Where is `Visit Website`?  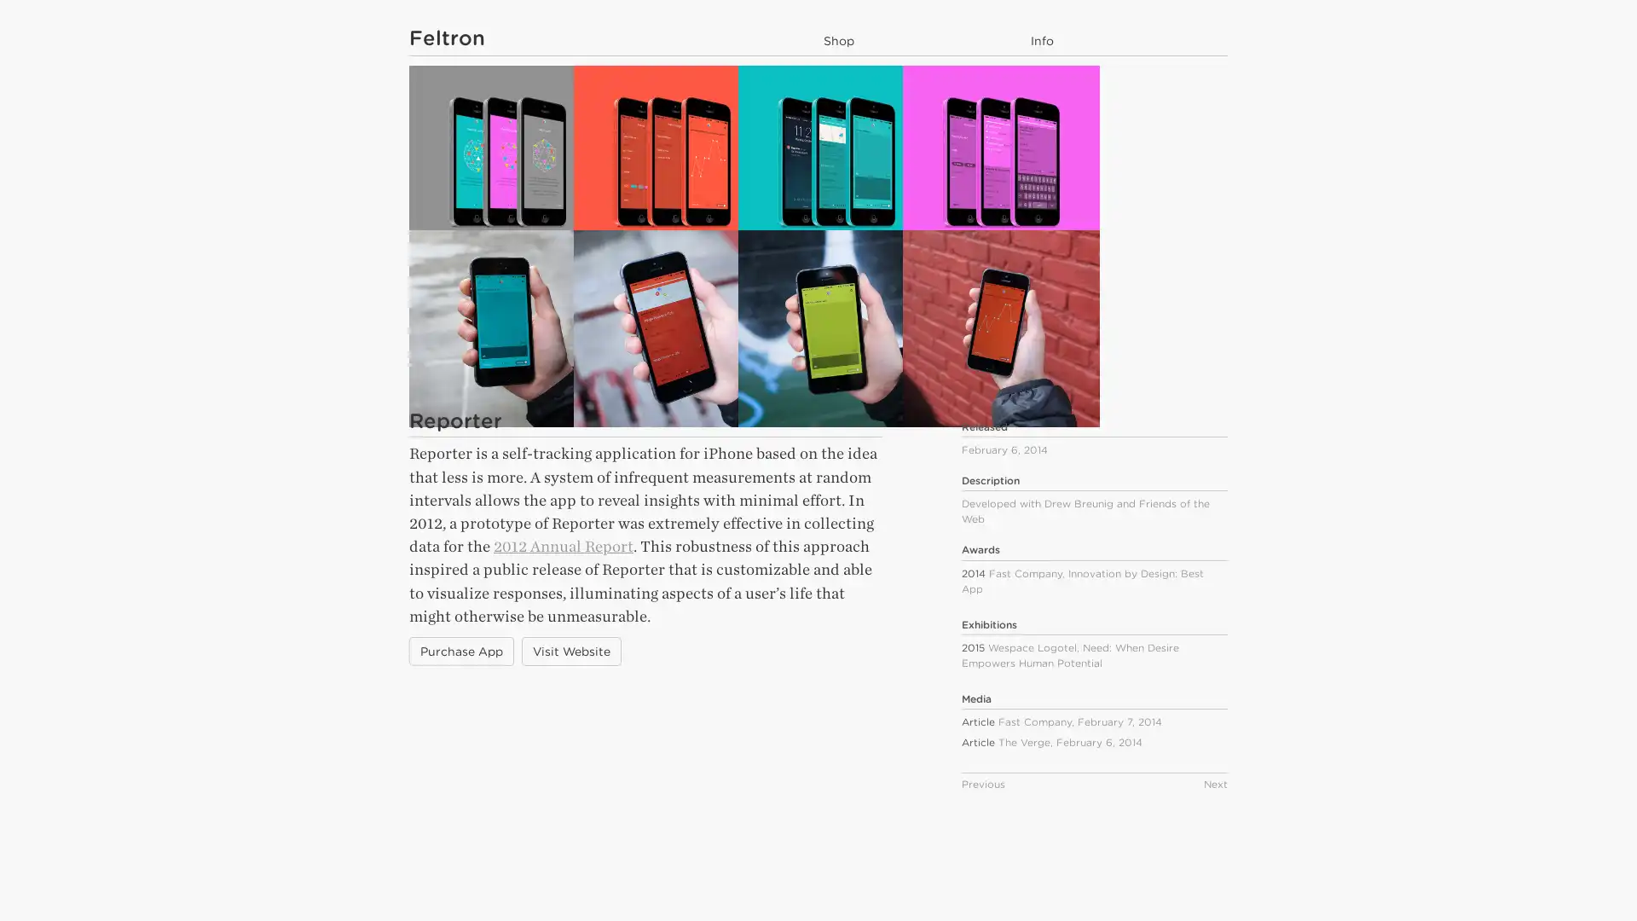
Visit Website is located at coordinates (571, 735).